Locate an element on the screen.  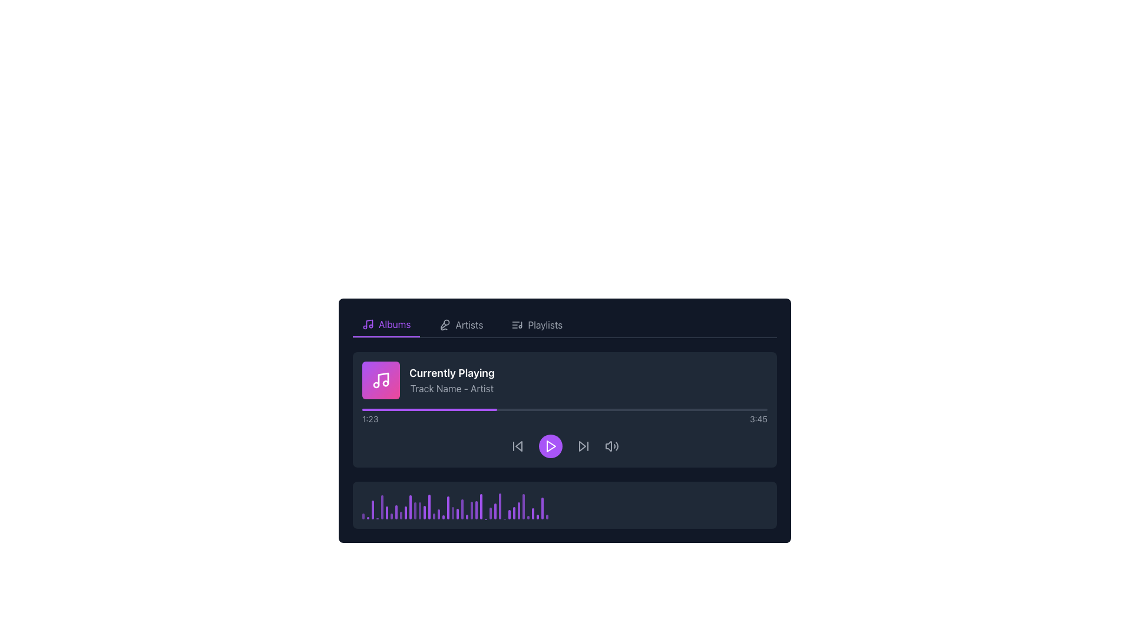
the media control icon button represented by a forward-skip style triangular arrow pointing to the right is located at coordinates (583, 446).